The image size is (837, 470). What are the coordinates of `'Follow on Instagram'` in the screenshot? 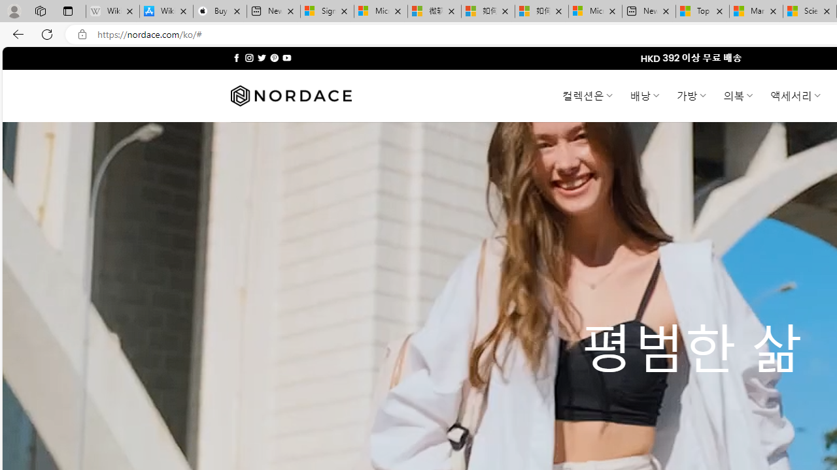 It's located at (249, 57).